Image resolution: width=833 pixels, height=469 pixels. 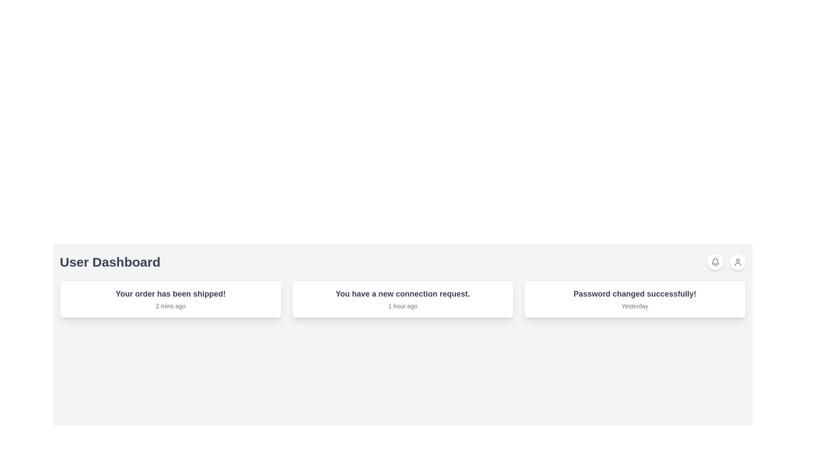 What do you see at coordinates (715, 262) in the screenshot?
I see `the circular button with a white background and a bell icon in gray, located at the top right corner of the user interface` at bounding box center [715, 262].